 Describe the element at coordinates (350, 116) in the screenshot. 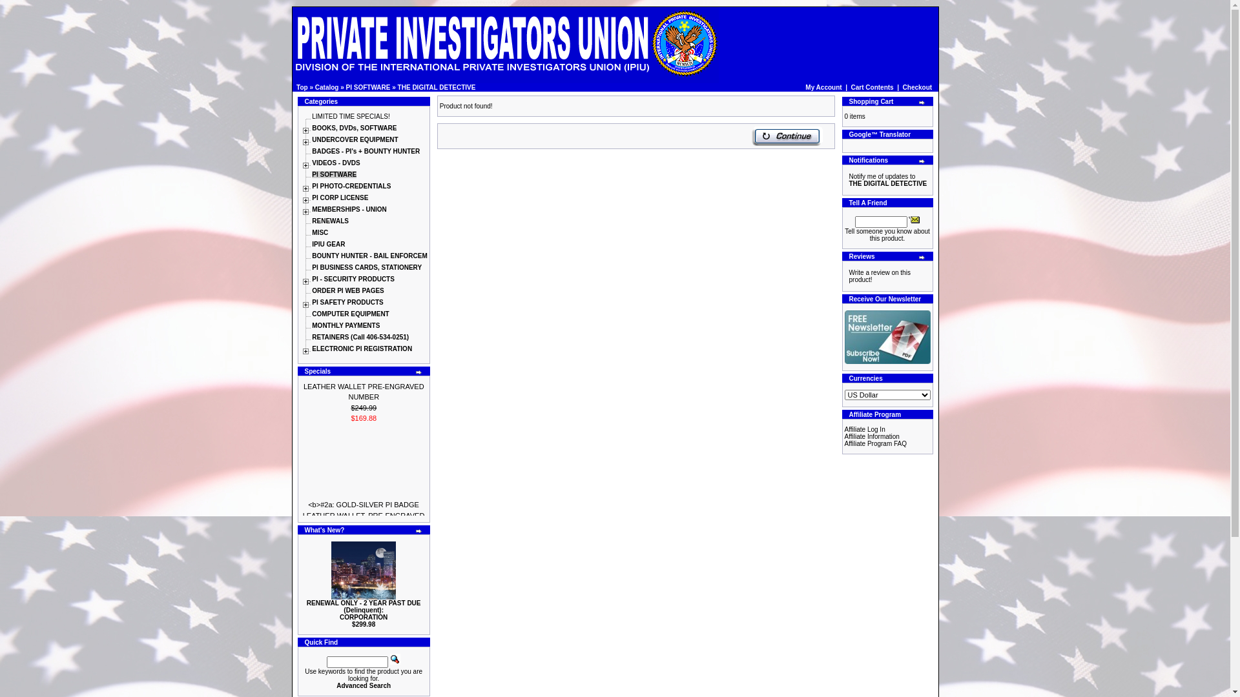

I see `'LIMITED TIME SPECIALS!'` at that location.